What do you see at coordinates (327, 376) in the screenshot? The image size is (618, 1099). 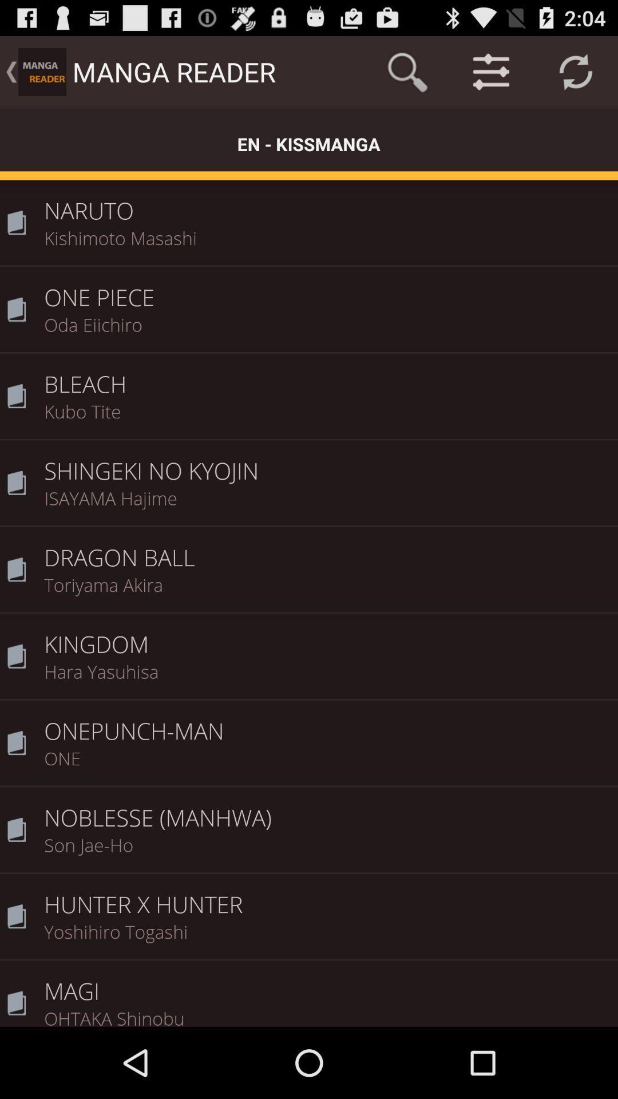 I see `the icon below oda eiichiro icon` at bounding box center [327, 376].